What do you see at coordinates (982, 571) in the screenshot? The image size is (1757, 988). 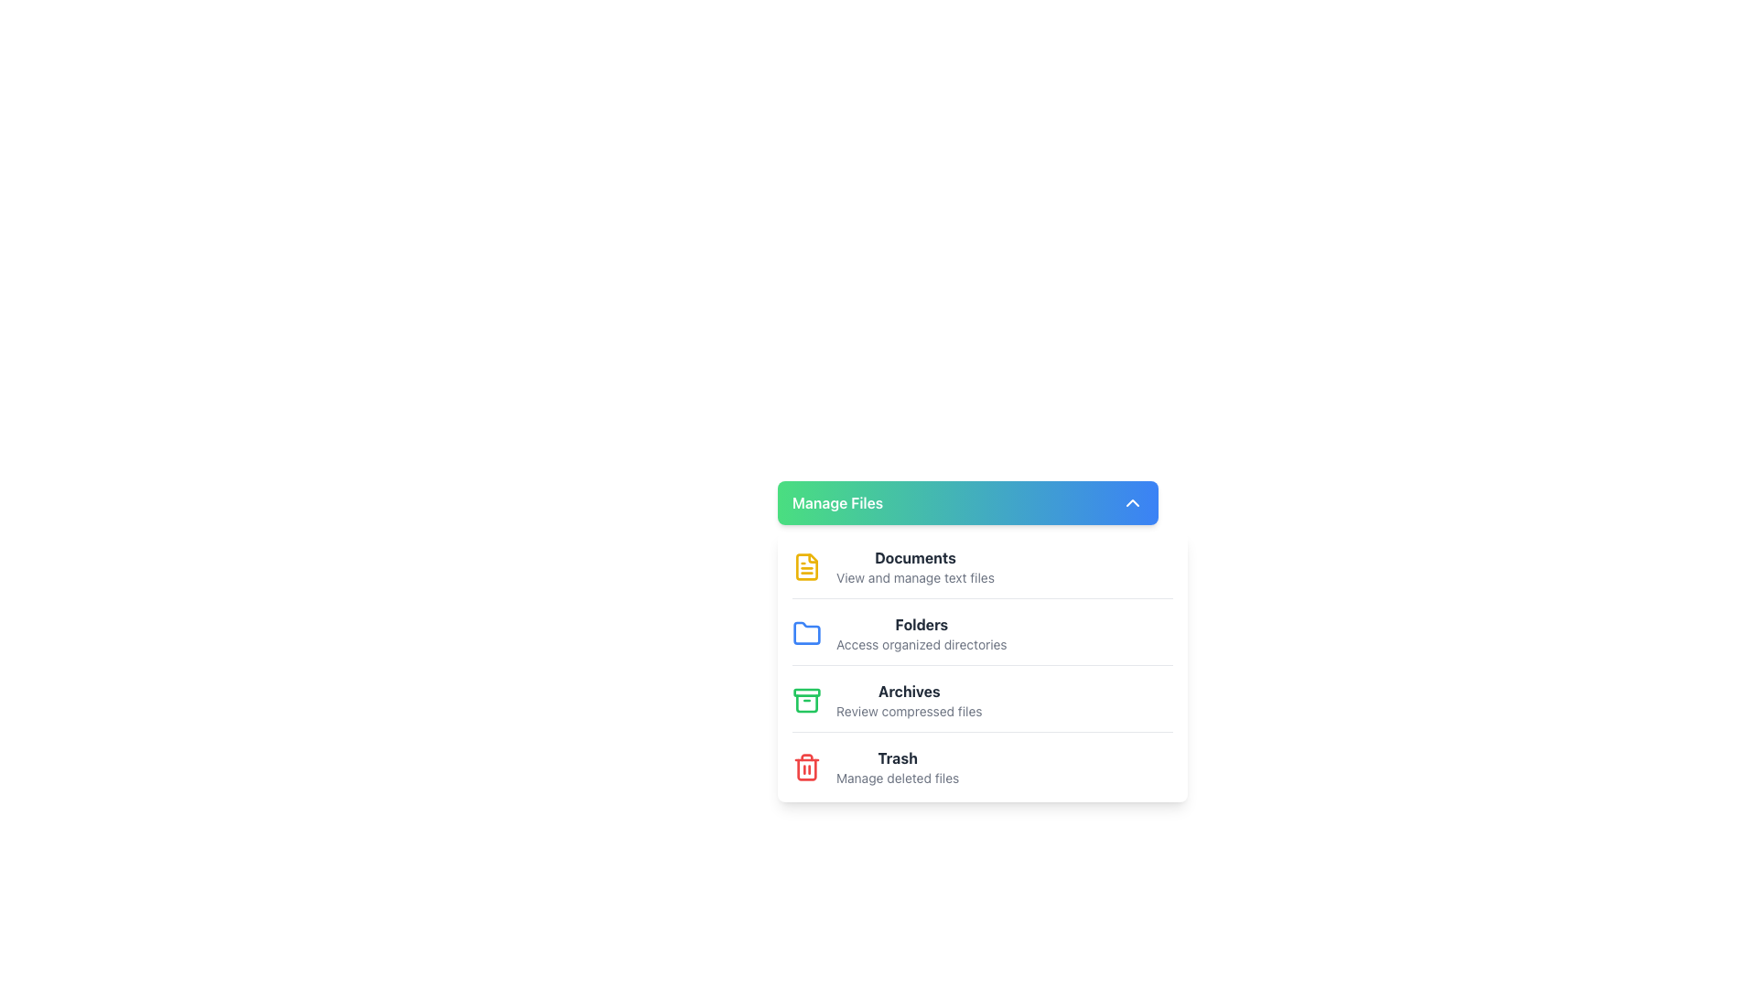 I see `the 'Documents' menu item, which is the first entry in the 'Manage Files' section` at bounding box center [982, 571].